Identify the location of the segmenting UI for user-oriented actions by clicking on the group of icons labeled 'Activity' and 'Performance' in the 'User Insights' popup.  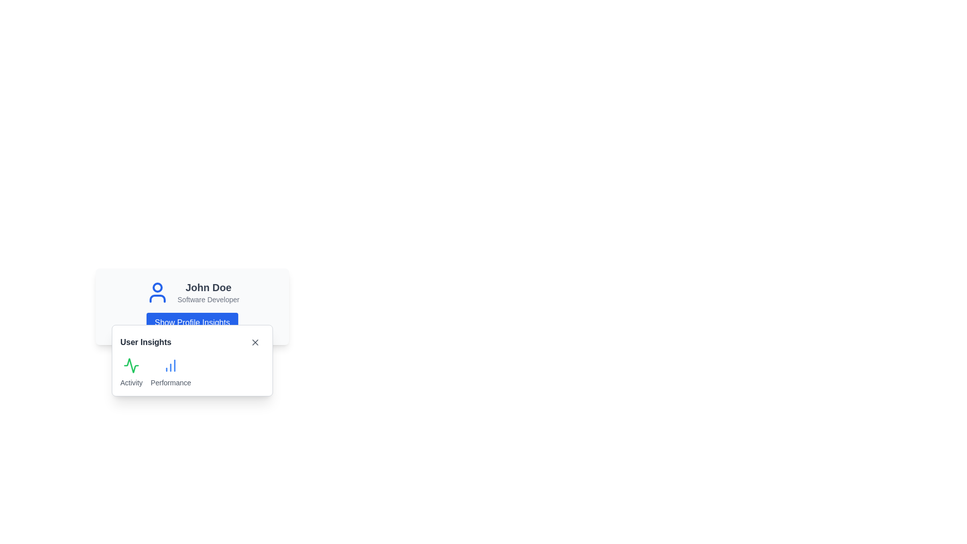
(192, 373).